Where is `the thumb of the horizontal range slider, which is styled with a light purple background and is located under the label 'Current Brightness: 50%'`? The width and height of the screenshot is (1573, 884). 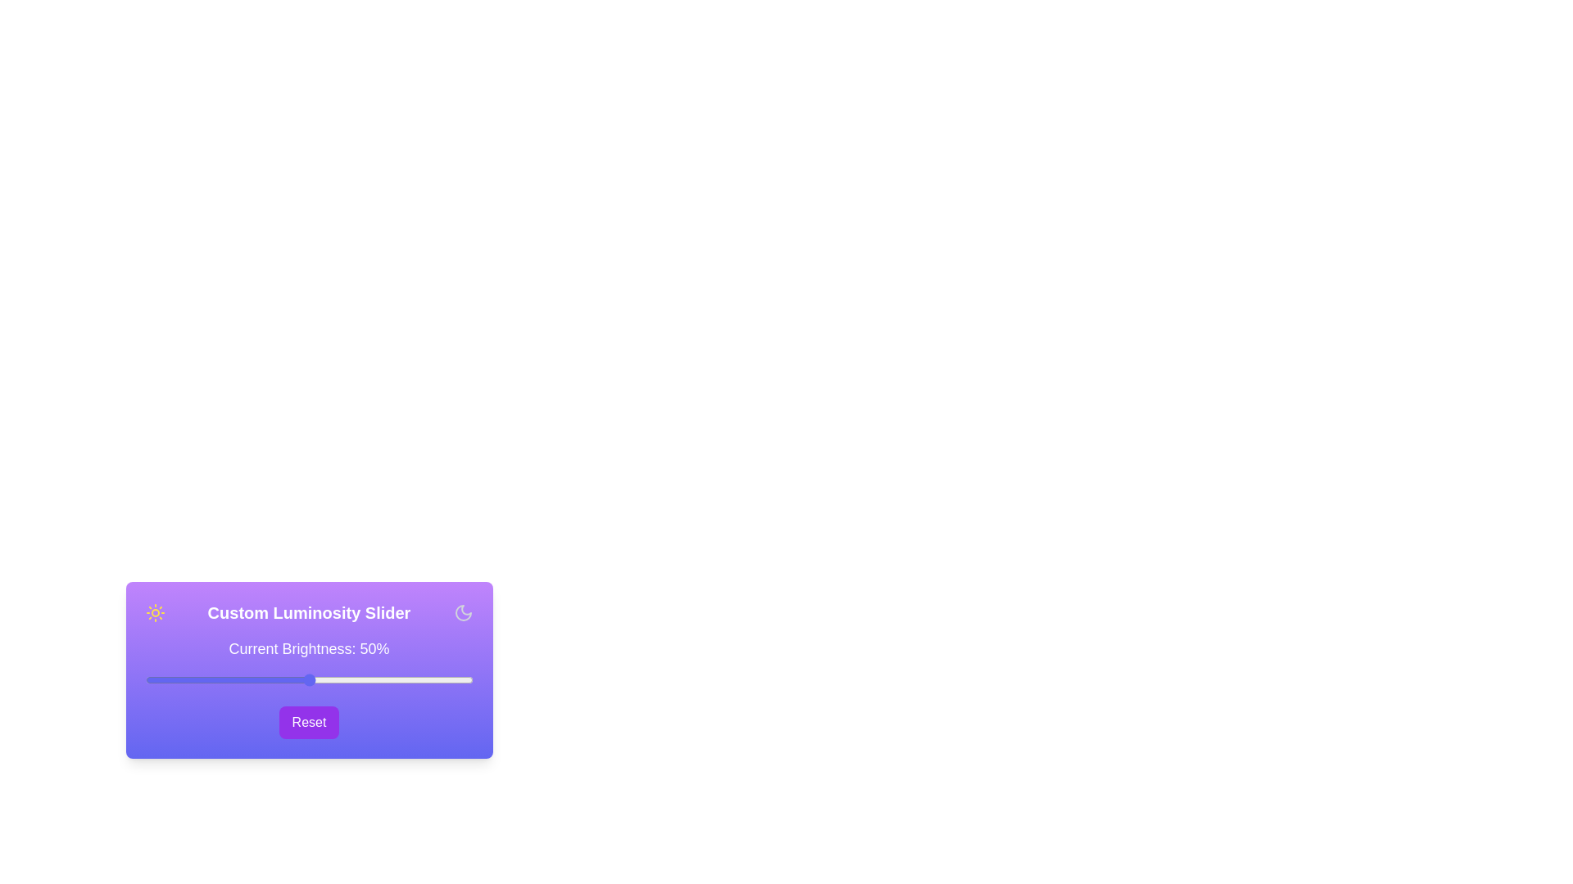
the thumb of the horizontal range slider, which is styled with a light purple background and is located under the label 'Current Brightness: 50%' is located at coordinates (309, 679).